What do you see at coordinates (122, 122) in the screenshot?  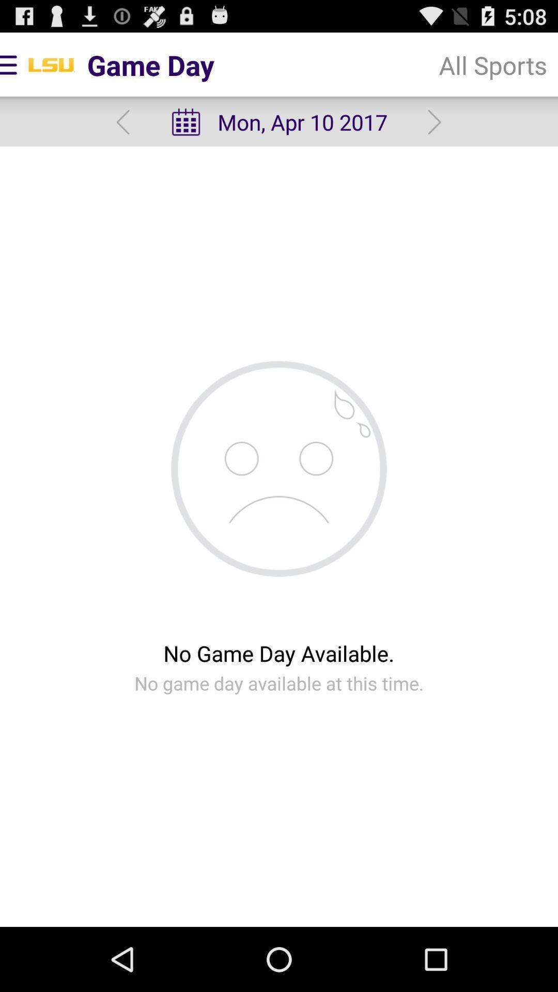 I see `app next to mon apr 10` at bounding box center [122, 122].